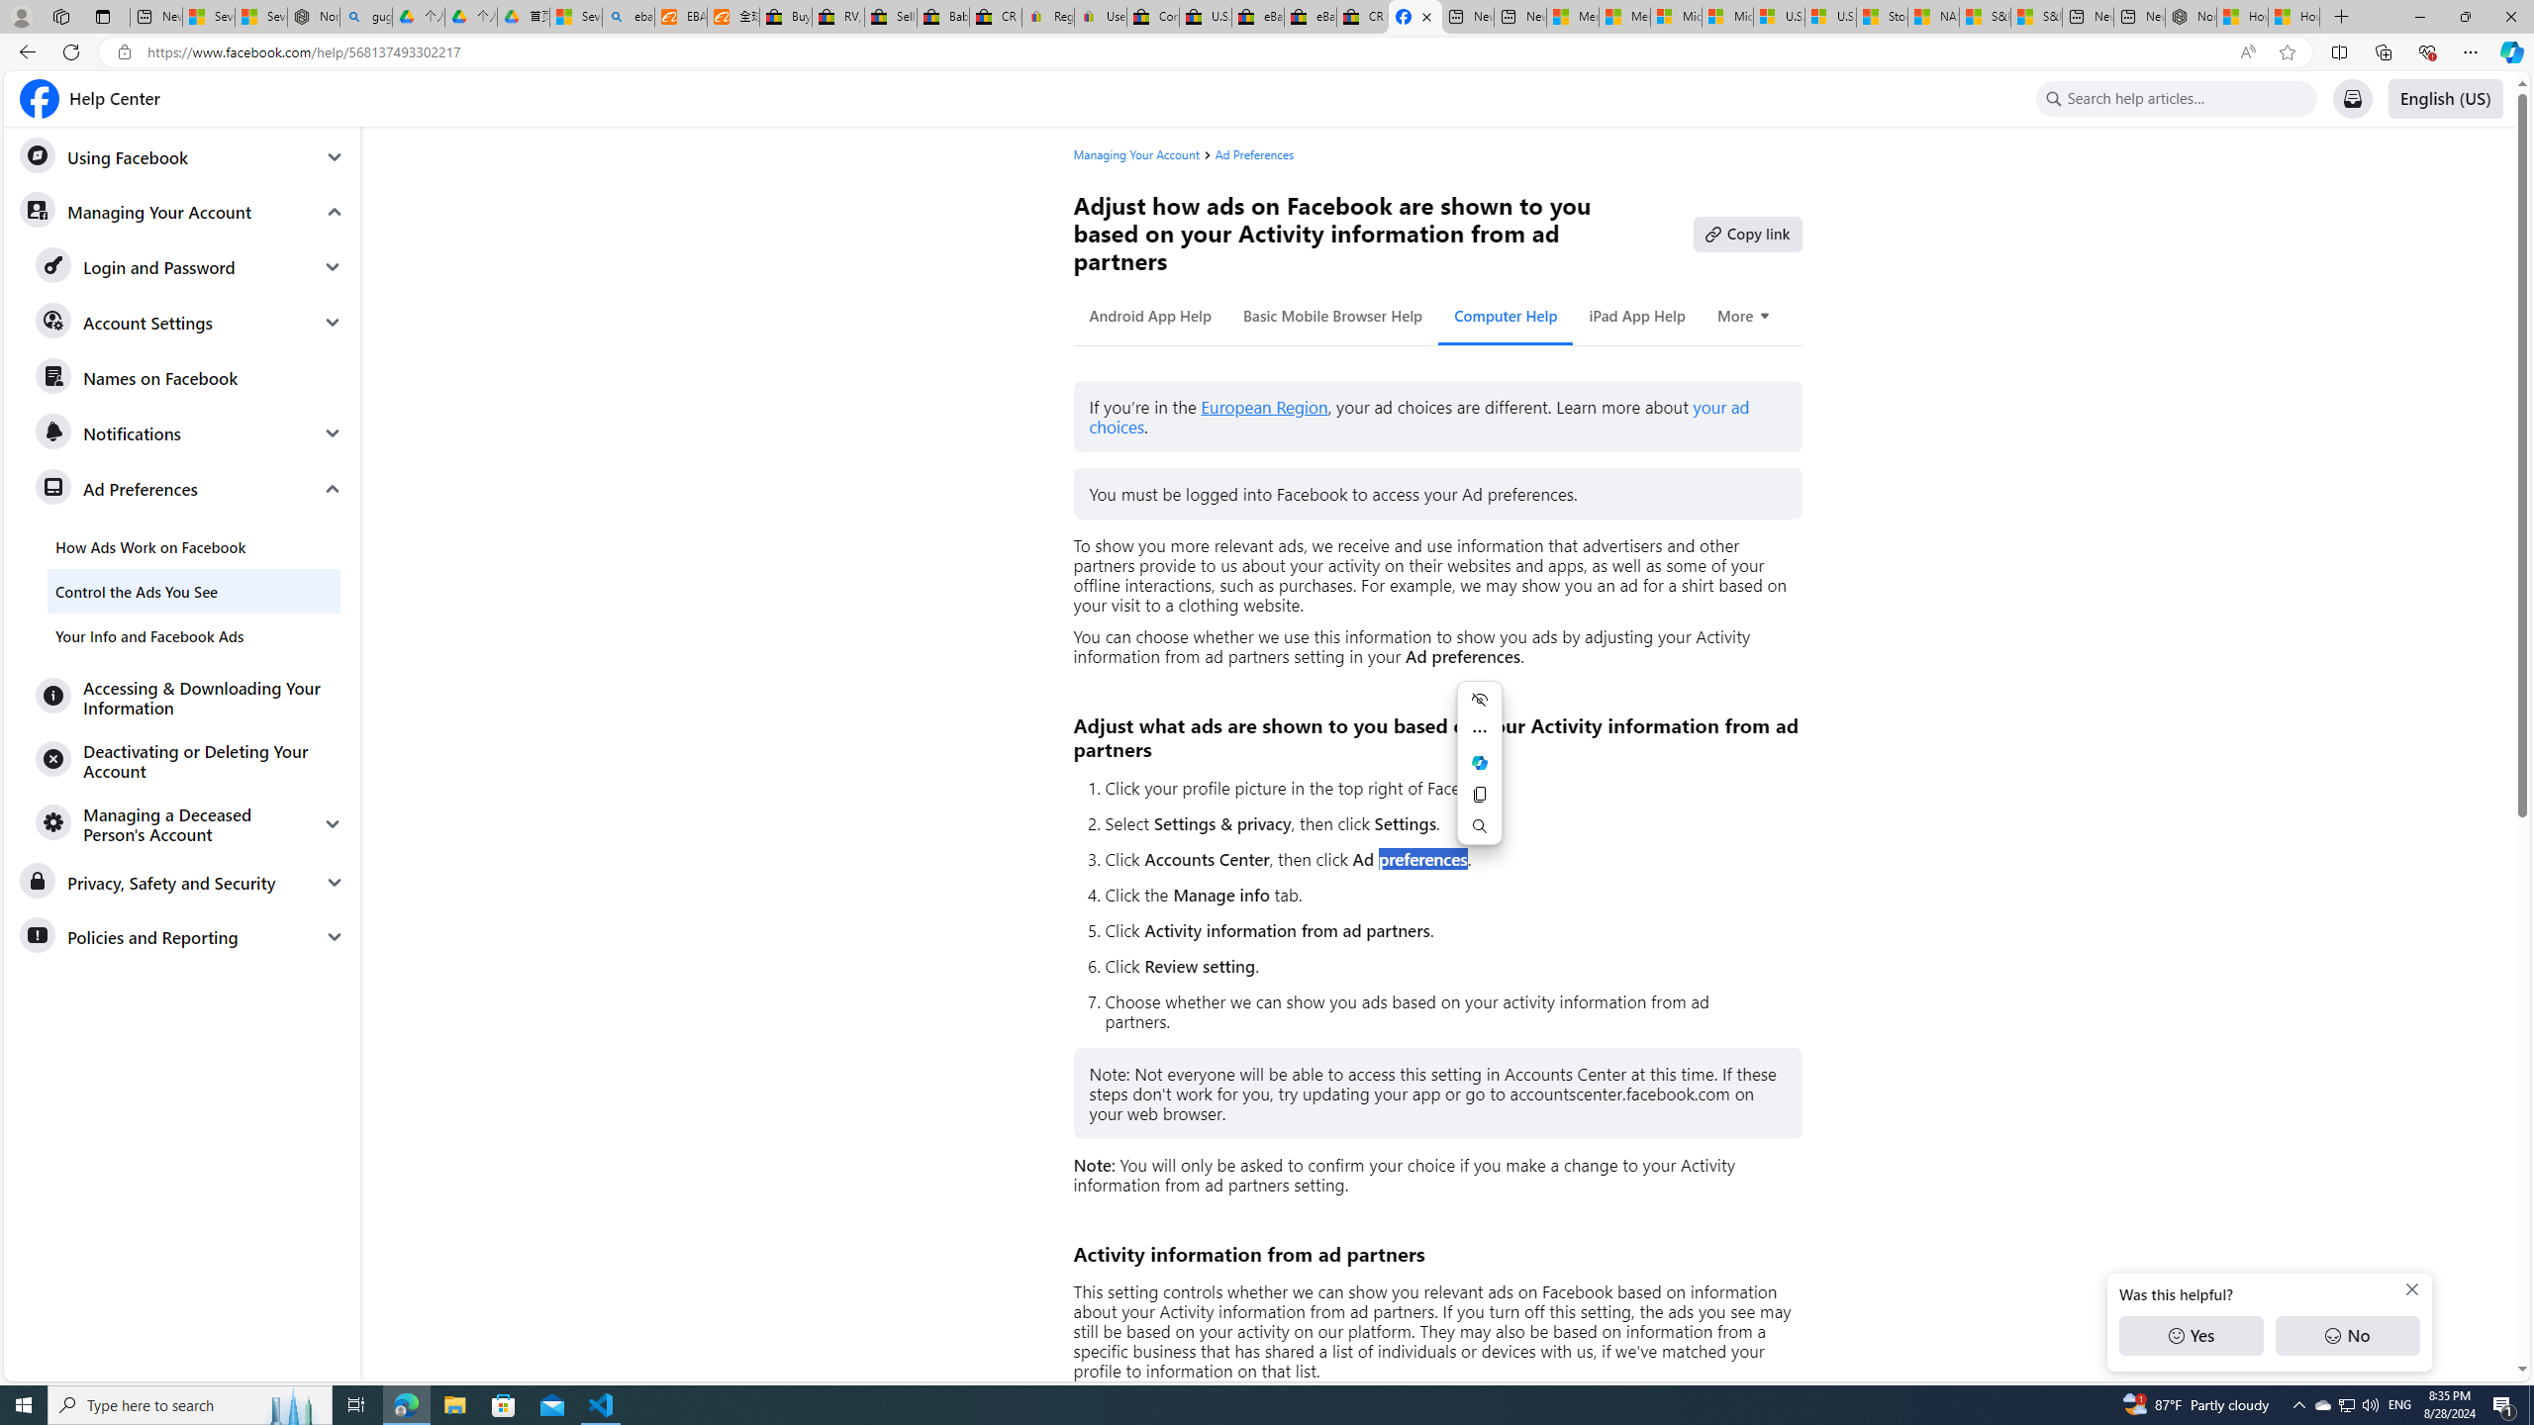  I want to click on 'Register: Create a personal eBay account', so click(1046, 16).